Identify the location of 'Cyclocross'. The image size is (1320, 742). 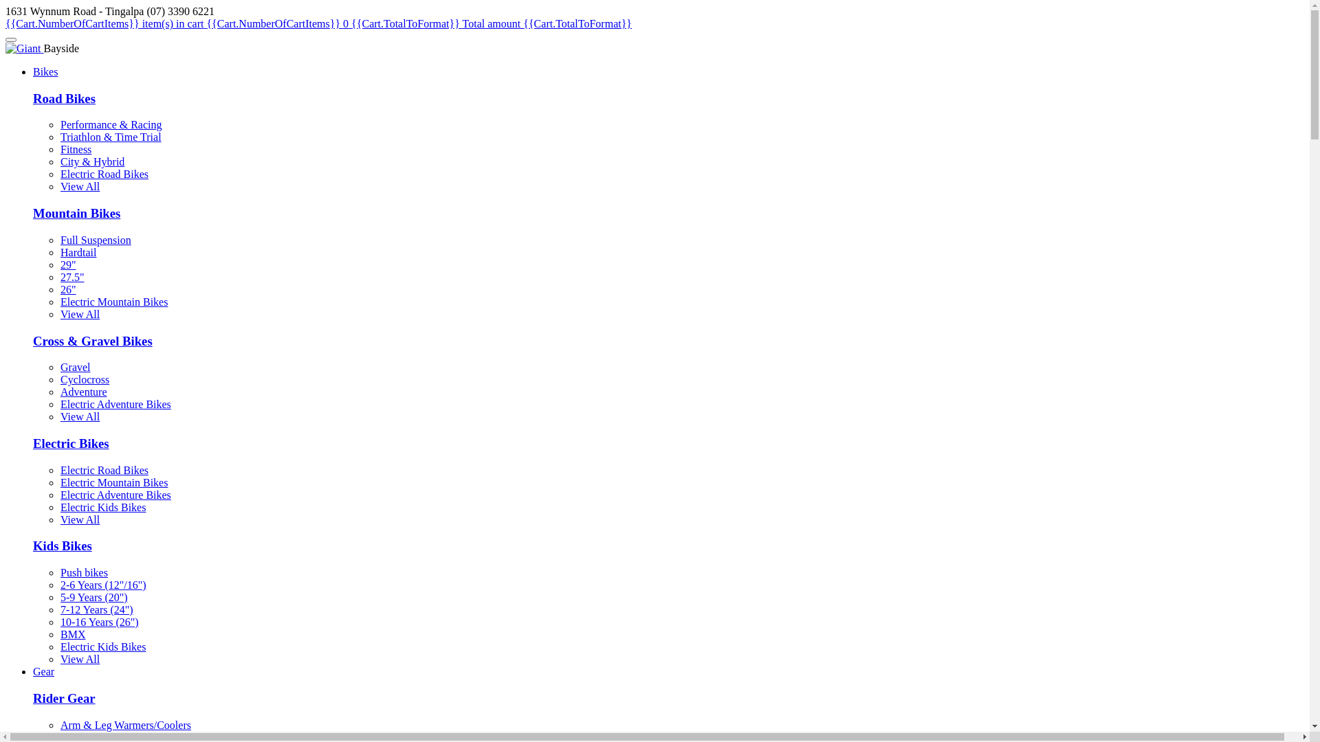
(84, 379).